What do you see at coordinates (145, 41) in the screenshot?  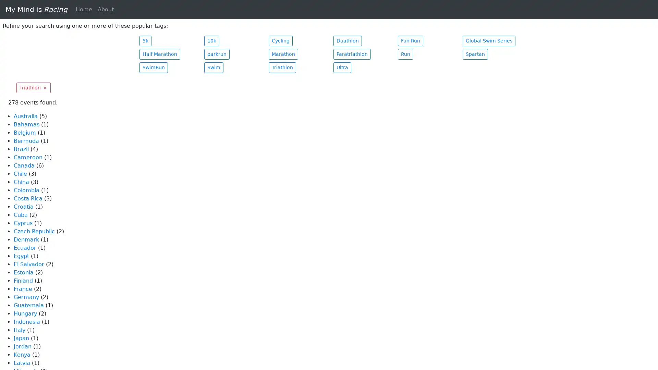 I see `5k` at bounding box center [145, 41].